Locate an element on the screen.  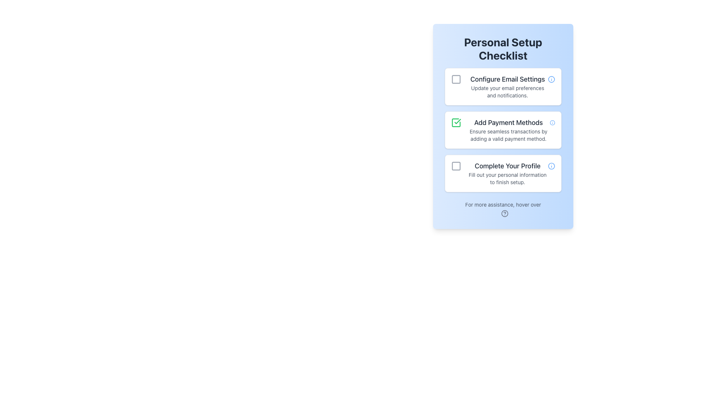
the small, square-shaped icon with rounded corners located in the 'Complete Your Profile' section of the setup checklist is located at coordinates (455, 166).